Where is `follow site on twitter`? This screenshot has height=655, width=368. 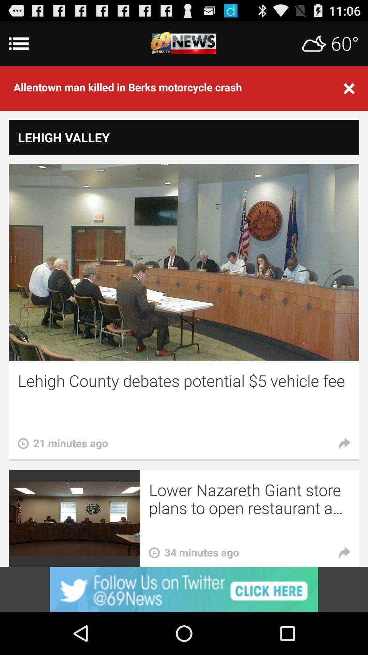
follow site on twitter is located at coordinates (184, 589).